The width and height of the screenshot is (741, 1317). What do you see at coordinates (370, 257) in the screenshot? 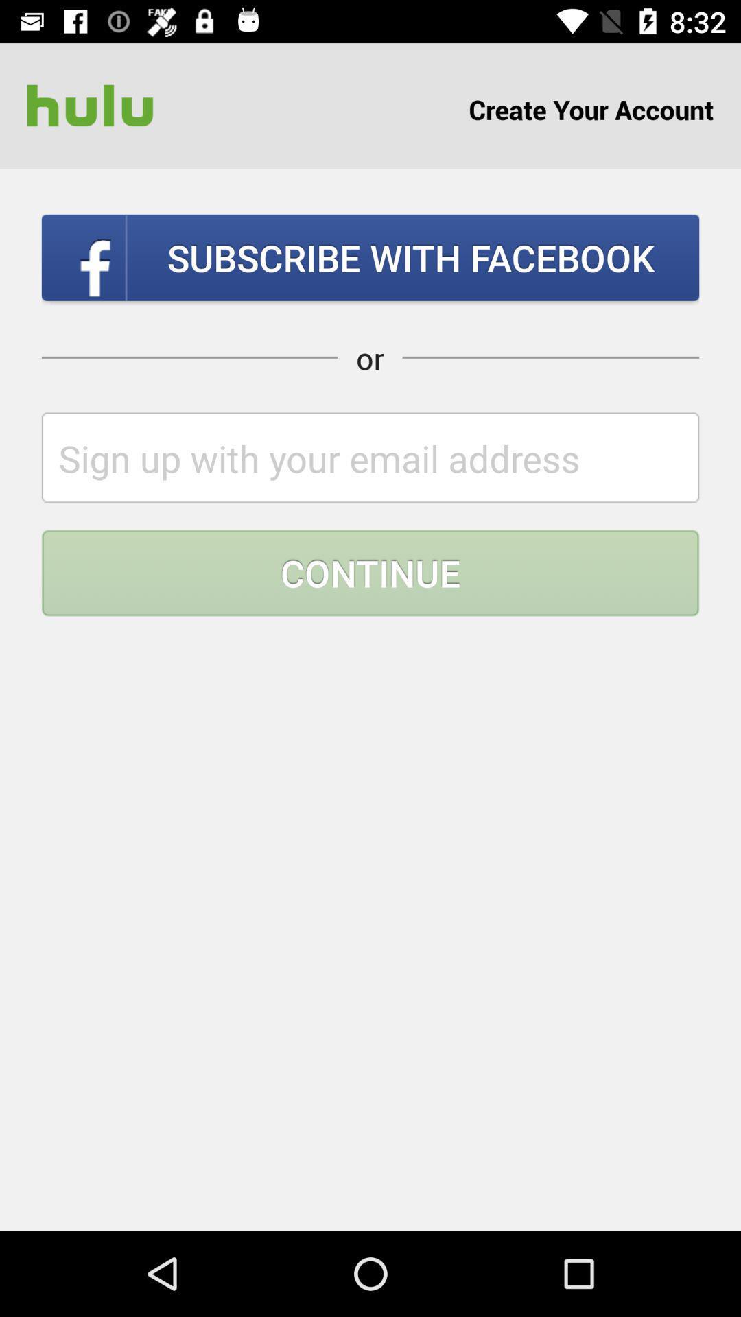
I see `item above or item` at bounding box center [370, 257].